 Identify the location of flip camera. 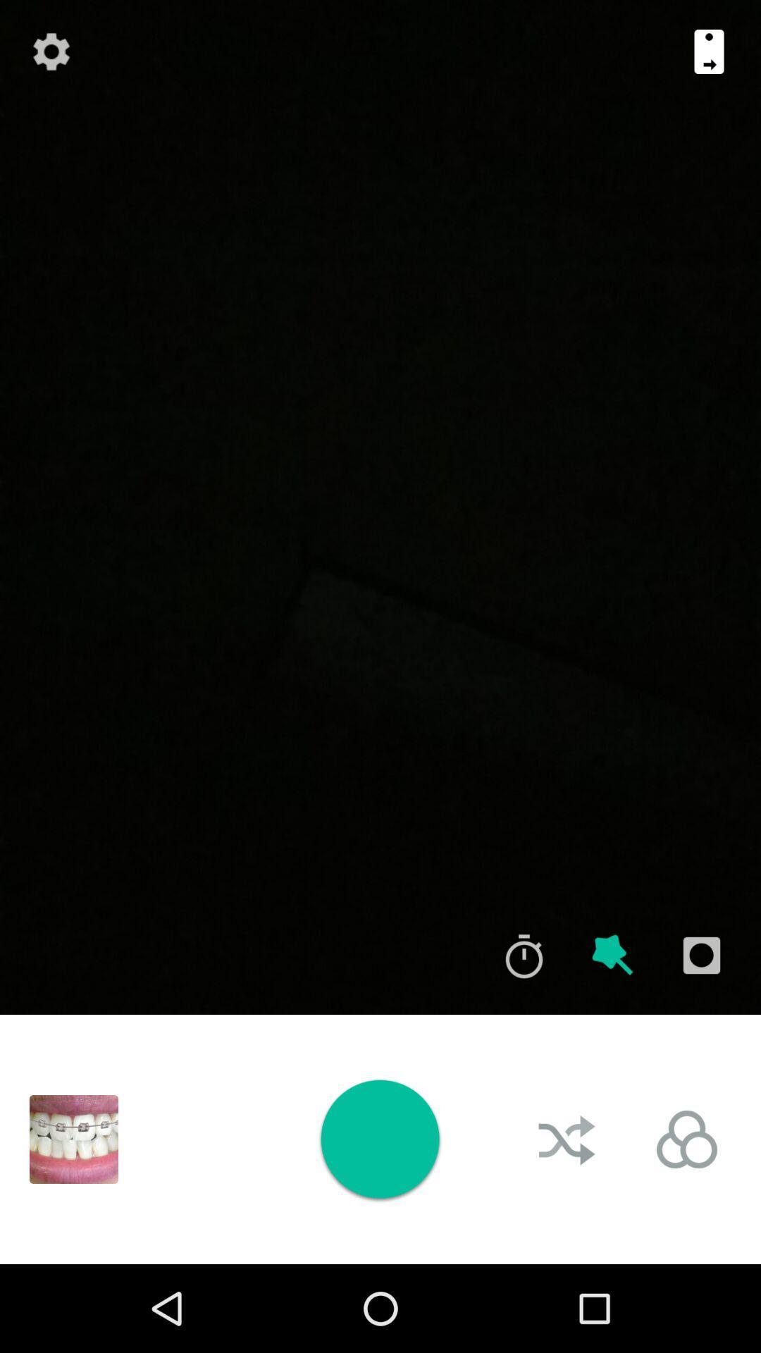
(709, 51).